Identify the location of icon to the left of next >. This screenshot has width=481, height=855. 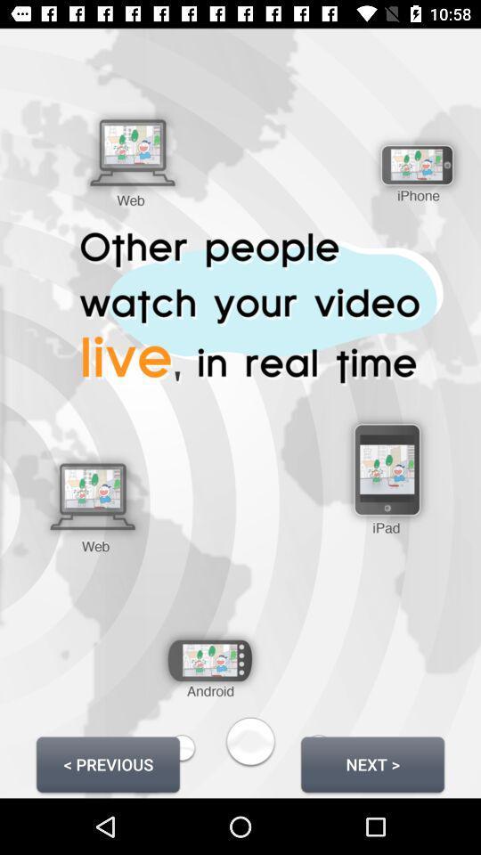
(108, 763).